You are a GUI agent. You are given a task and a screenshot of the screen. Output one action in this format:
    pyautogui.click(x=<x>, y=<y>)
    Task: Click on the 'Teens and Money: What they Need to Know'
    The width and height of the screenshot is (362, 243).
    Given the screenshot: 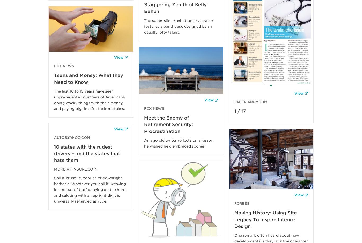 What is the action you would take?
    pyautogui.click(x=54, y=78)
    